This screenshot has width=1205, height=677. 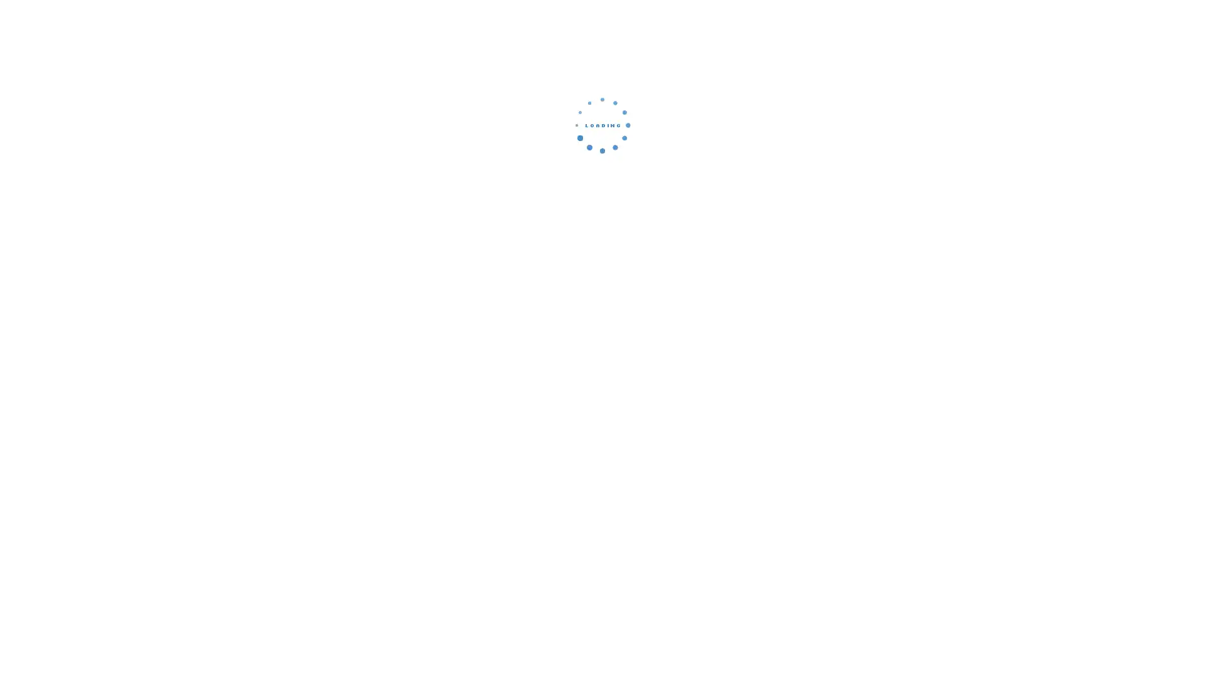 I want to click on Continue, so click(x=602, y=210).